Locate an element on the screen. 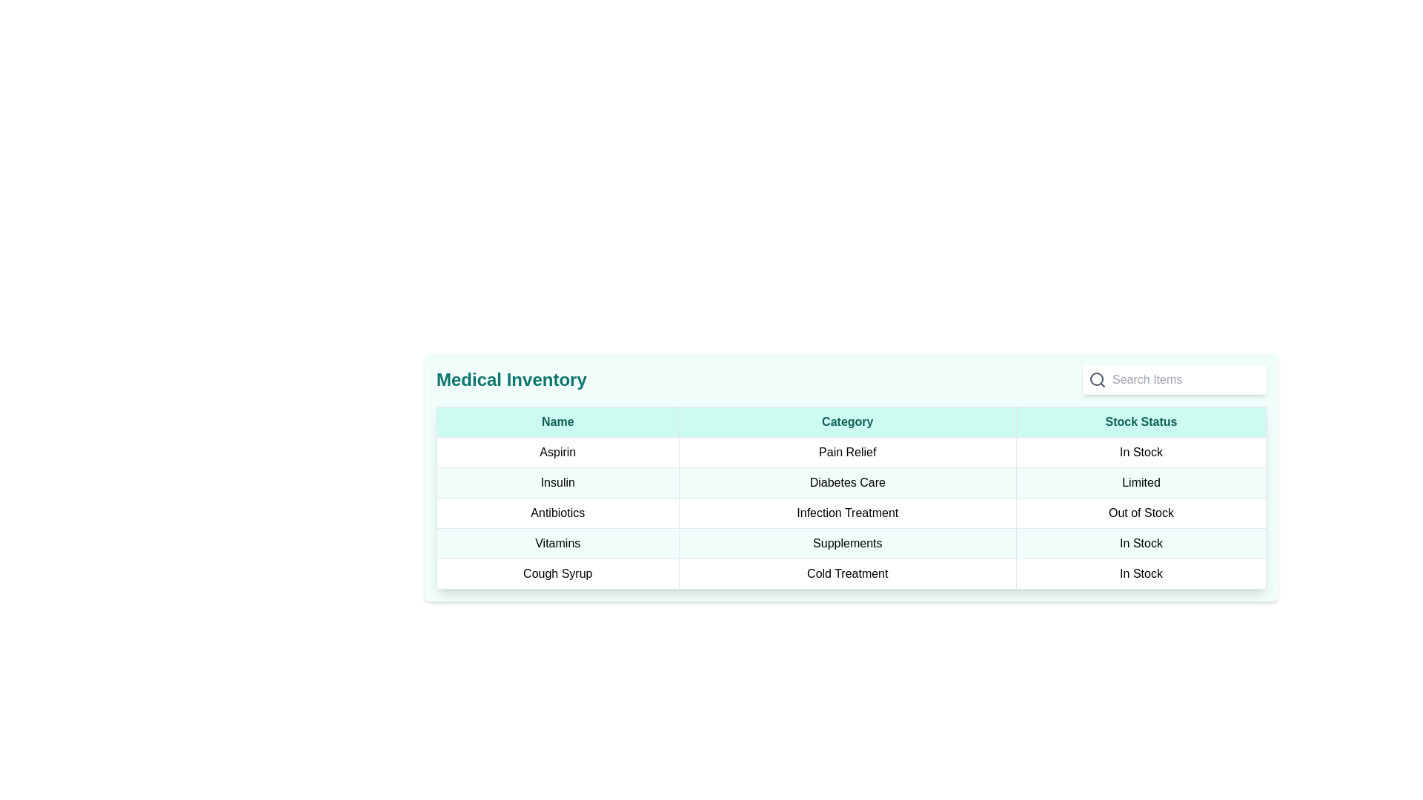  the text label indicating the stock status of 'Antibiotics', which shows its unavailability in the third cell of the 'Stock Status' column is located at coordinates (1141, 513).